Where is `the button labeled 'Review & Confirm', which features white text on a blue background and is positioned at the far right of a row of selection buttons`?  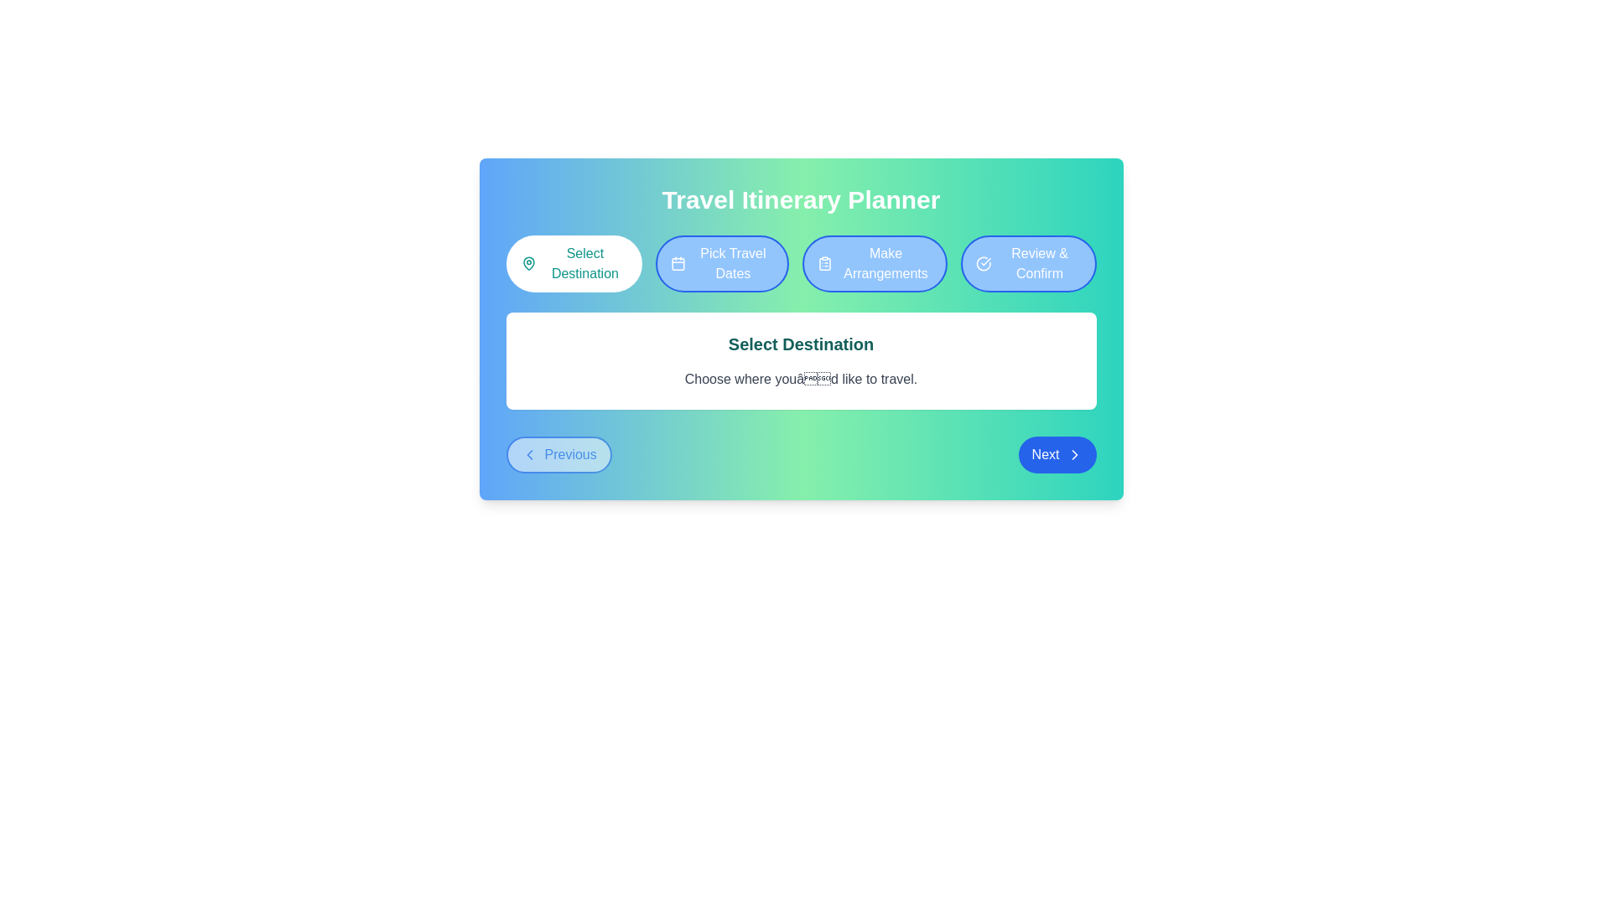 the button labeled 'Review & Confirm', which features white text on a blue background and is positioned at the far right of a row of selection buttons is located at coordinates (1038, 264).